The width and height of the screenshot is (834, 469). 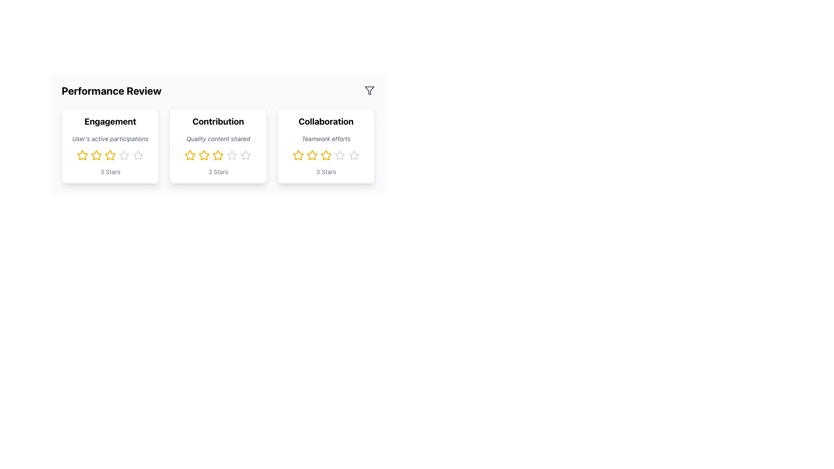 I want to click on the fourth star icon in the five-star rating component within the 'Engagement' section, so click(x=138, y=155).